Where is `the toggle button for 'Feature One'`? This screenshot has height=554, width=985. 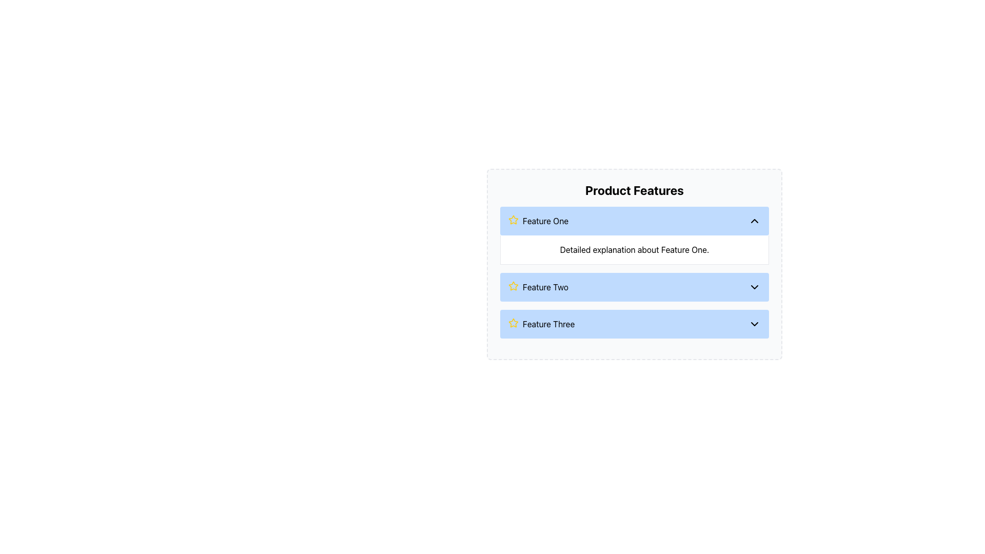
the toggle button for 'Feature One' is located at coordinates (634, 221).